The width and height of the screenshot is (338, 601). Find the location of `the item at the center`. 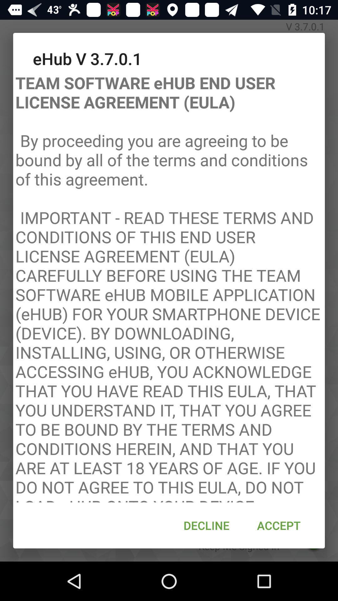

the item at the center is located at coordinates (169, 285).